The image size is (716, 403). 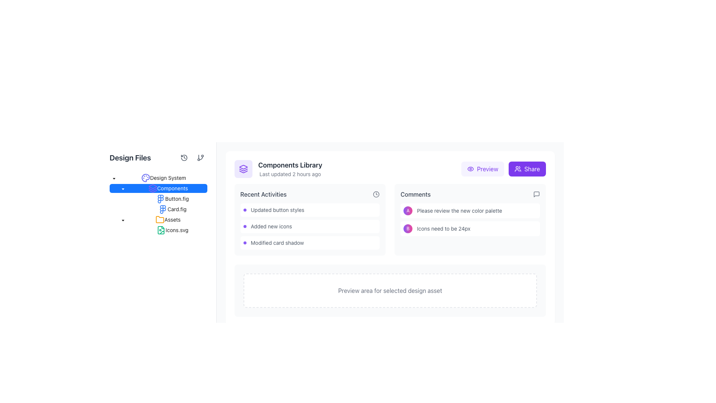 What do you see at coordinates (536, 194) in the screenshot?
I see `the comments icon located in the upper-right corner of the 'Comments' section` at bounding box center [536, 194].